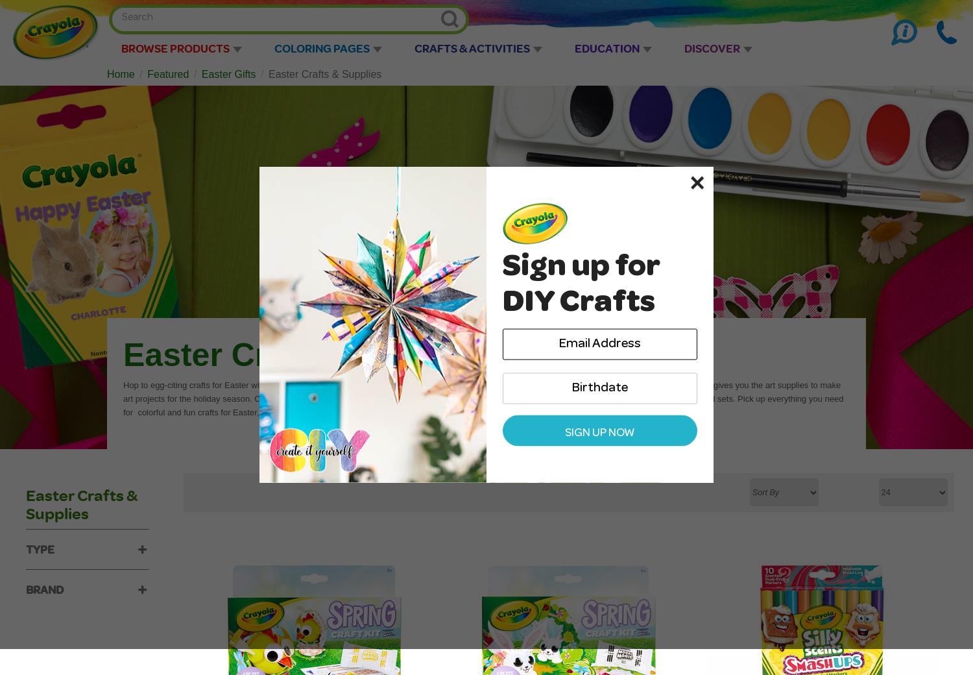  What do you see at coordinates (228, 73) in the screenshot?
I see `'Easter Gifts'` at bounding box center [228, 73].